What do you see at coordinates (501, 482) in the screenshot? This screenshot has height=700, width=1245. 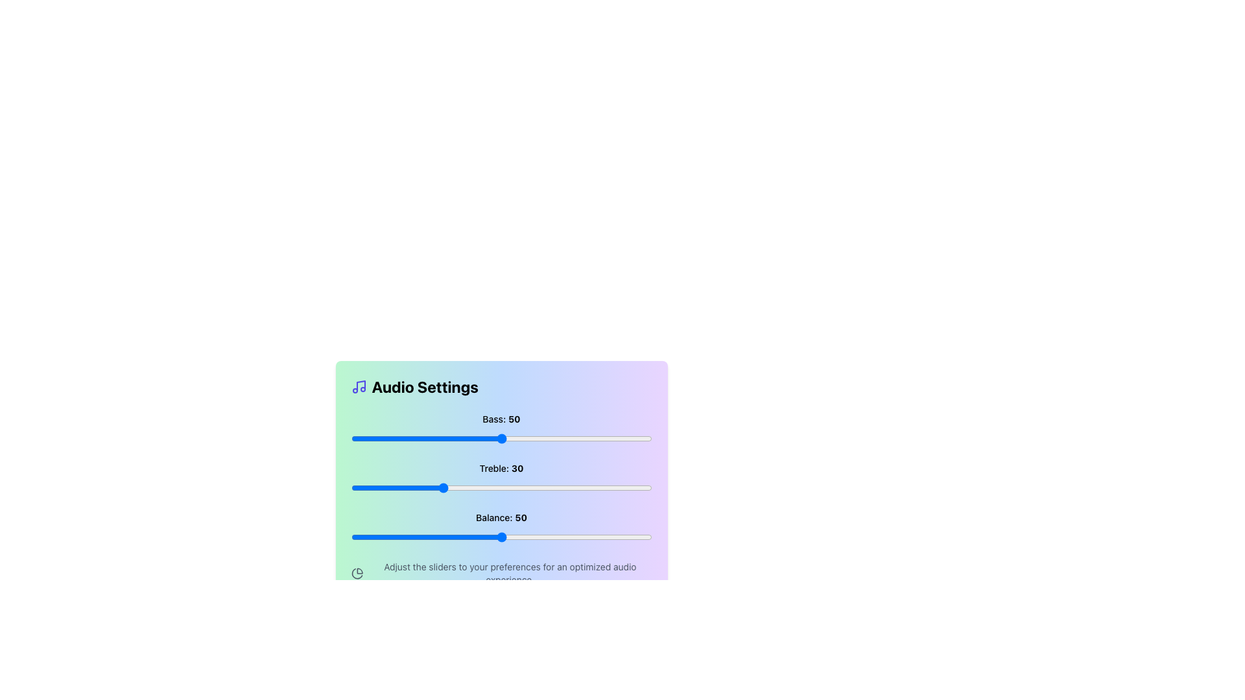 I see `the sliders in the Interactive audio settings panel` at bounding box center [501, 482].